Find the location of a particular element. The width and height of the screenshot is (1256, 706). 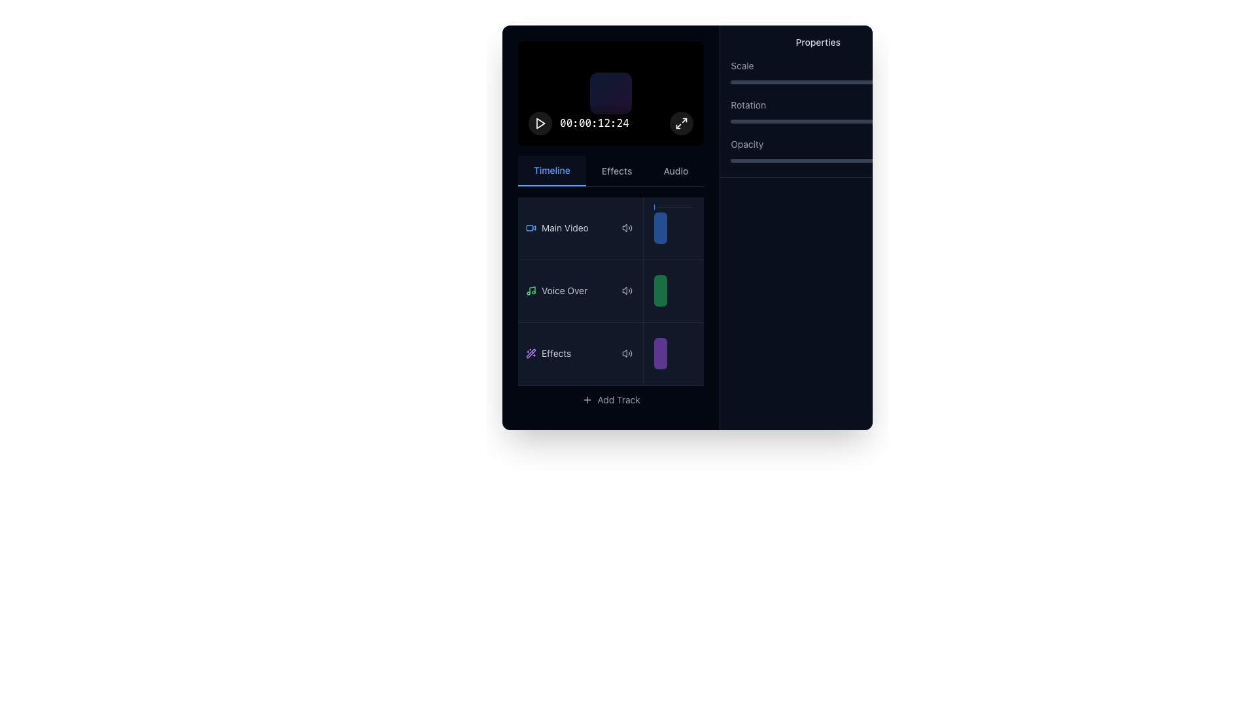

text label indicating the voice-over audio track in the timeline panel, which is positioned adjacent to the green music icon is located at coordinates (565, 290).